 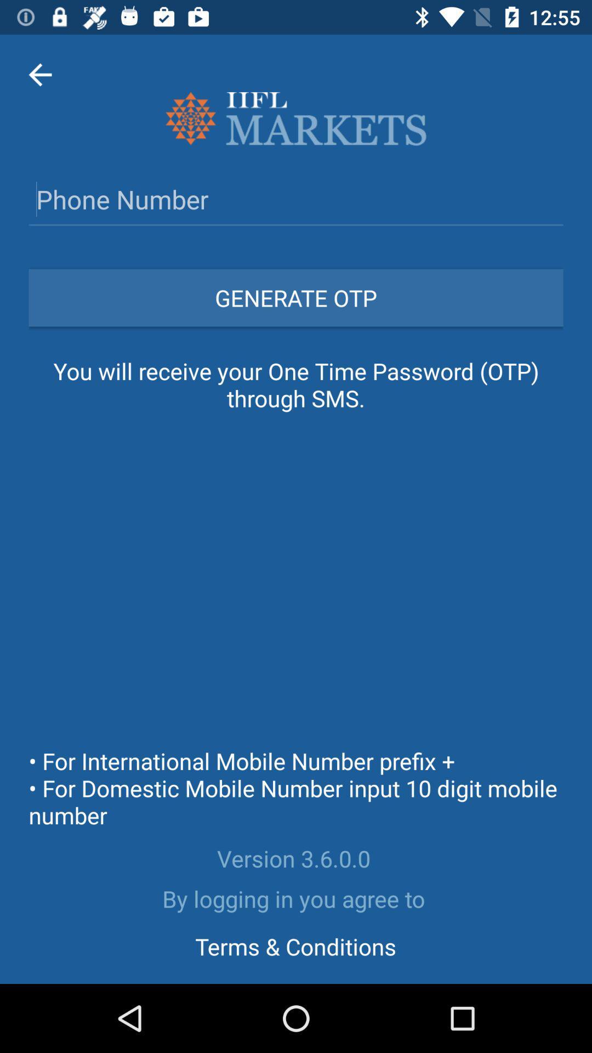 What do you see at coordinates (296, 858) in the screenshot?
I see `version 3 6` at bounding box center [296, 858].